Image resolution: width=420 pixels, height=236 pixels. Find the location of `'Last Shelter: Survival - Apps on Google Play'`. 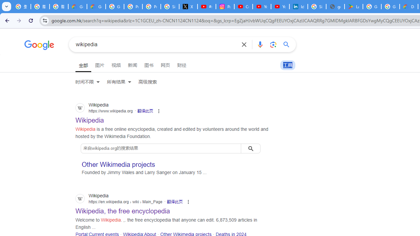

'Last Shelter: Survival - Apps on Google Play' is located at coordinates (353, 7).